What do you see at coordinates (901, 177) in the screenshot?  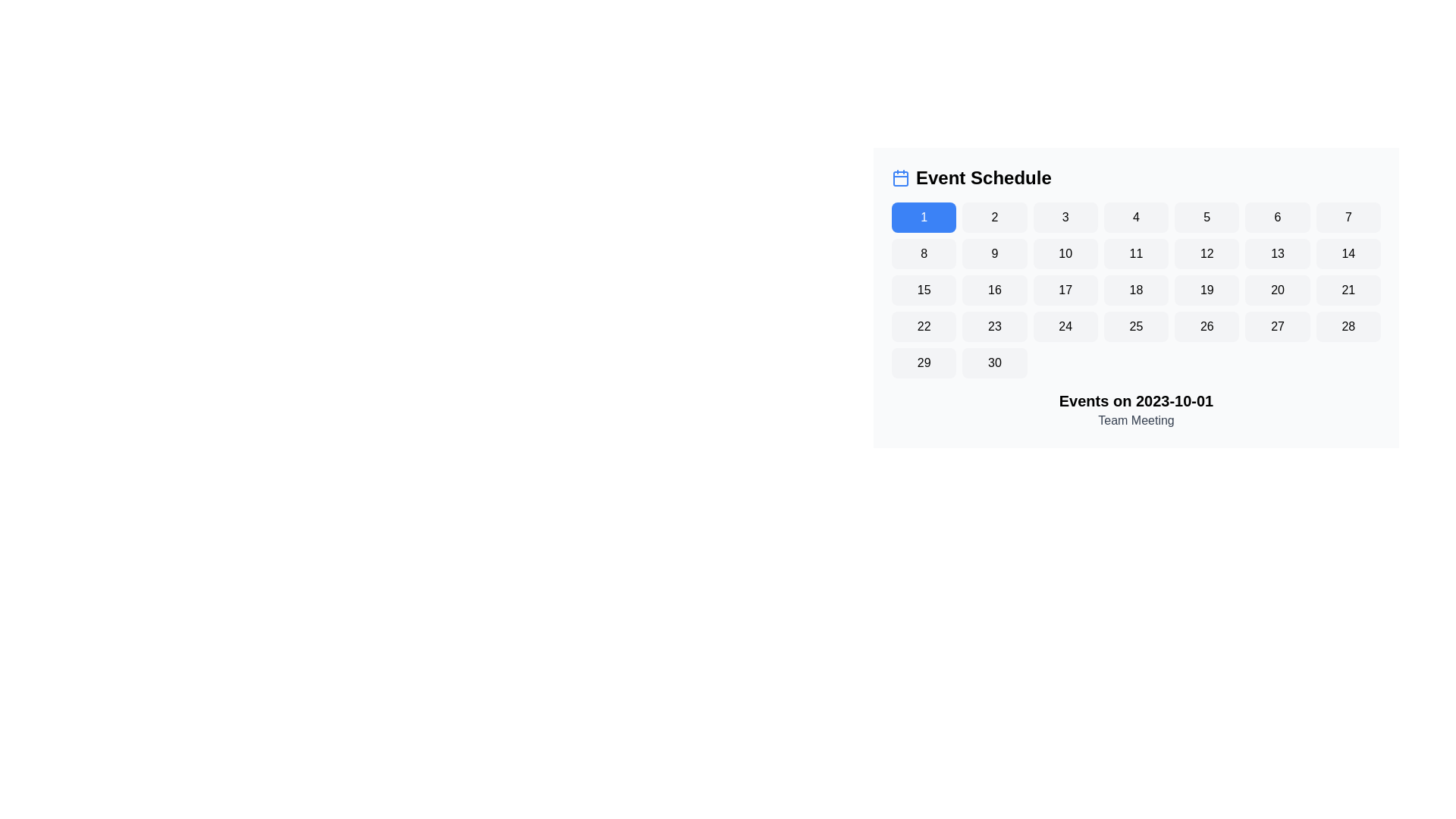 I see `the calendar icon located in the top left corner of the section containing the calendar functionality, which is positioned to the left of the 'Event Schedule' text` at bounding box center [901, 177].